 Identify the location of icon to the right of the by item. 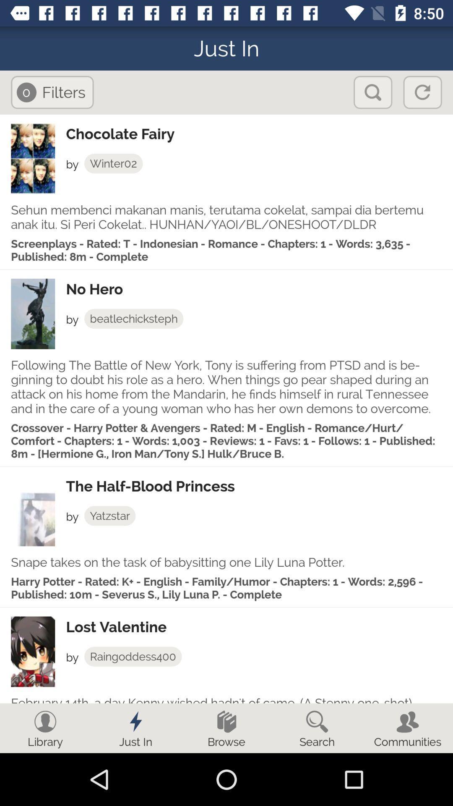
(133, 656).